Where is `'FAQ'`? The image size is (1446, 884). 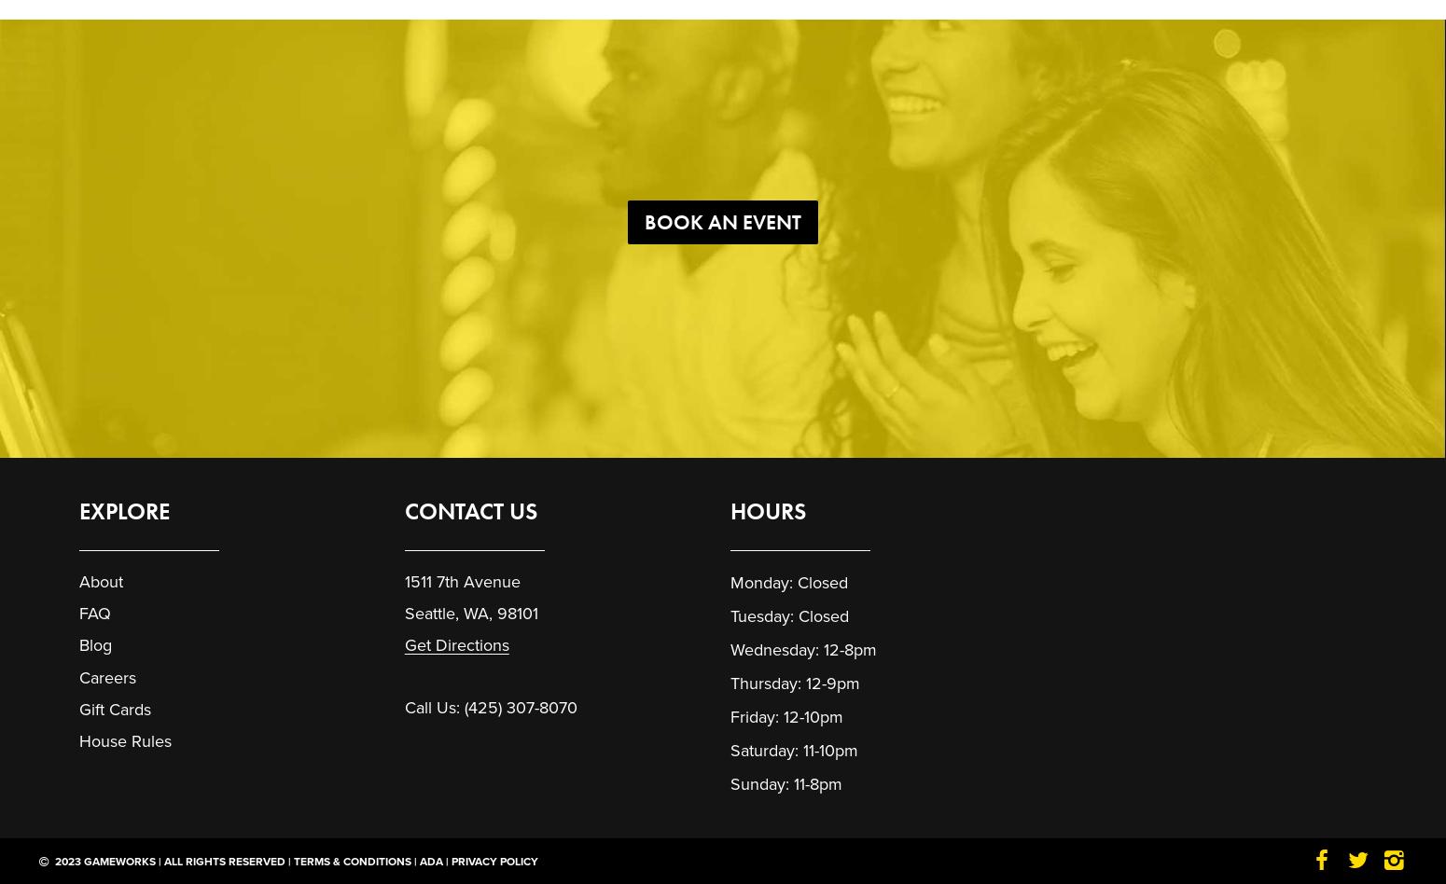 'FAQ' is located at coordinates (94, 613).